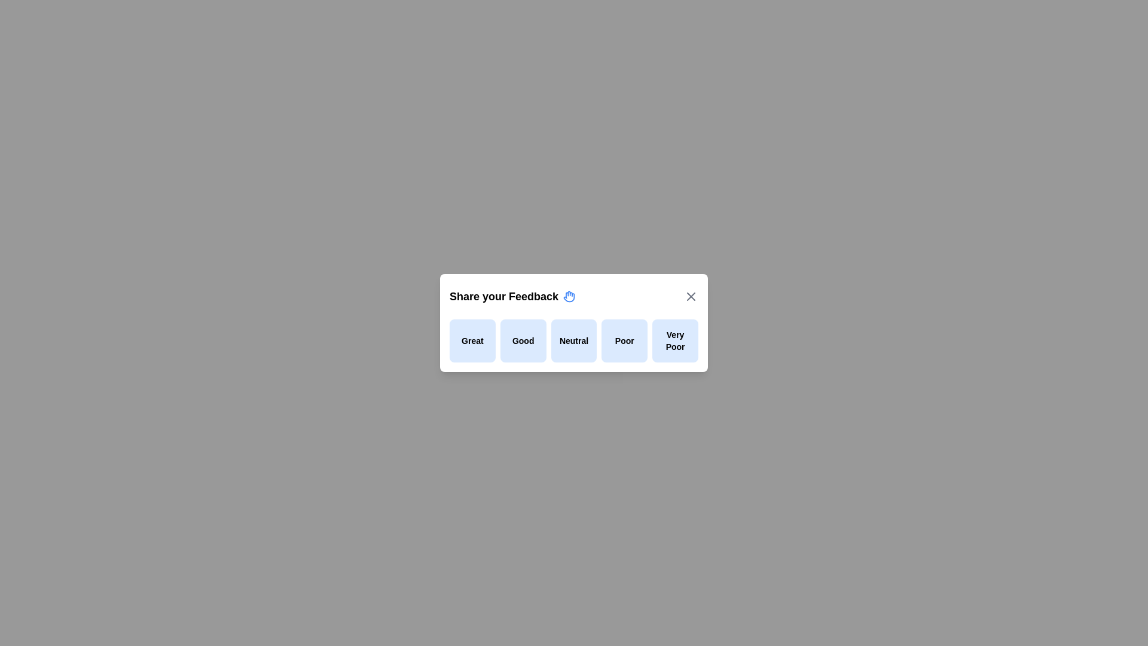  I want to click on the feedback option Great, so click(472, 341).